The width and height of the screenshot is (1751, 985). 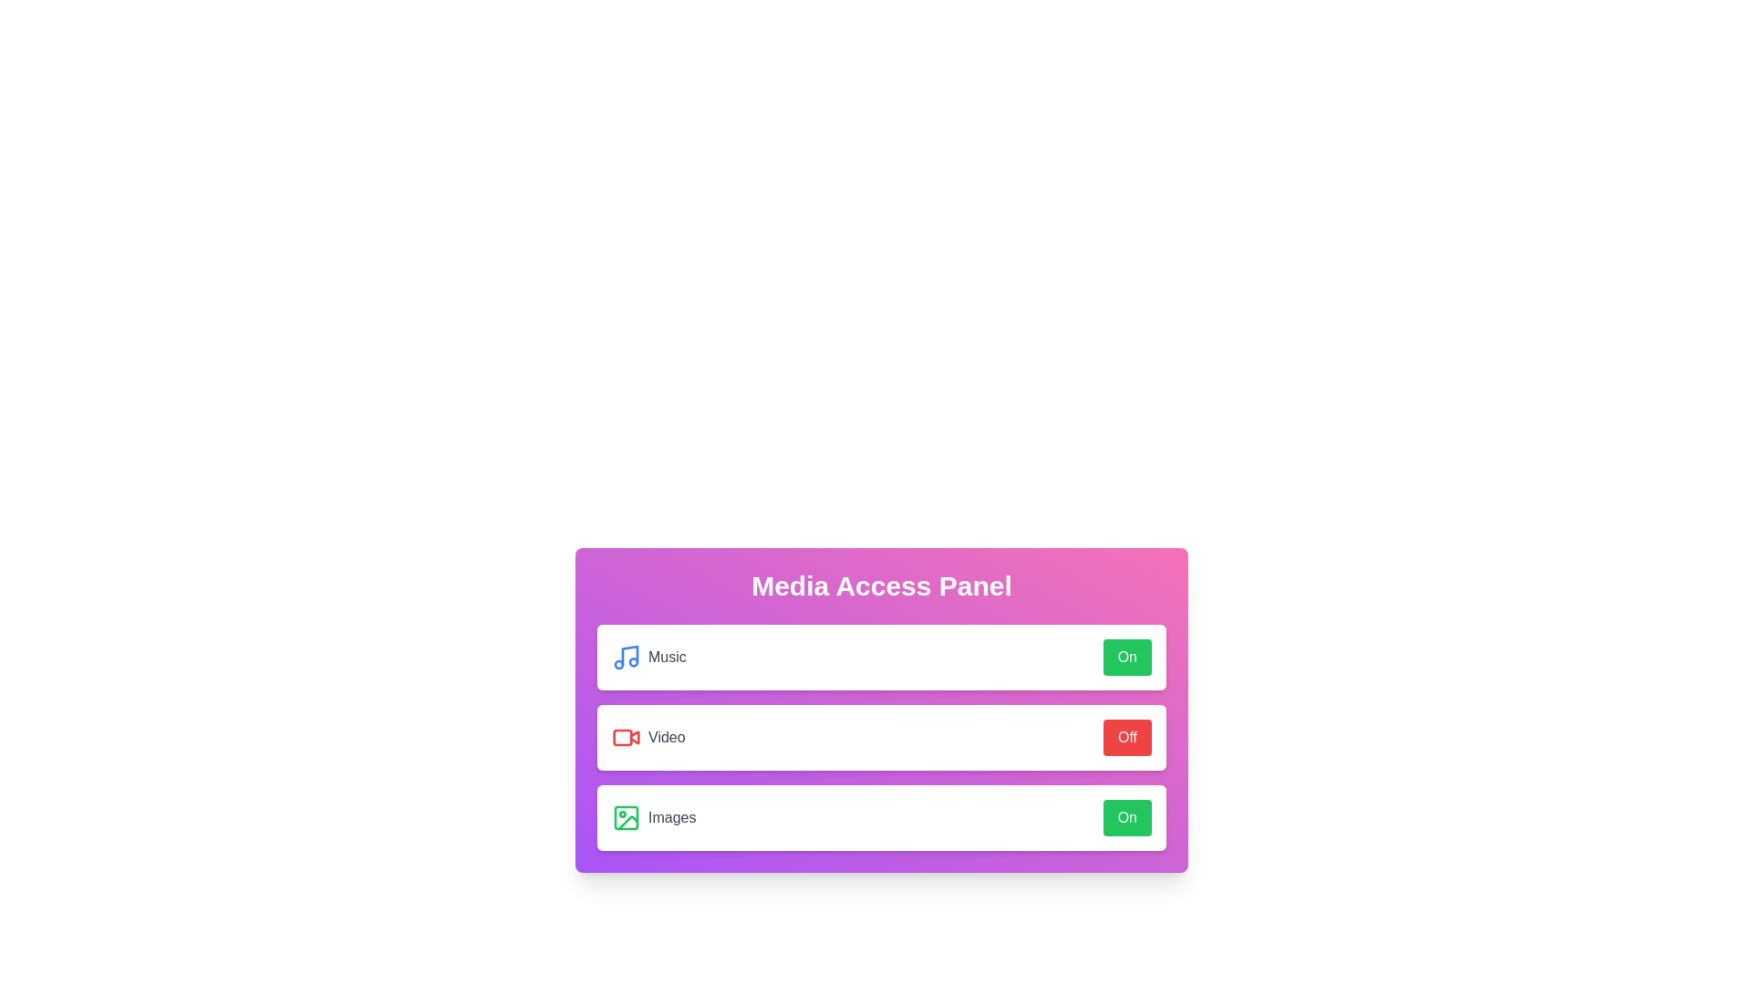 What do you see at coordinates (881, 586) in the screenshot?
I see `the heading text of the panel` at bounding box center [881, 586].